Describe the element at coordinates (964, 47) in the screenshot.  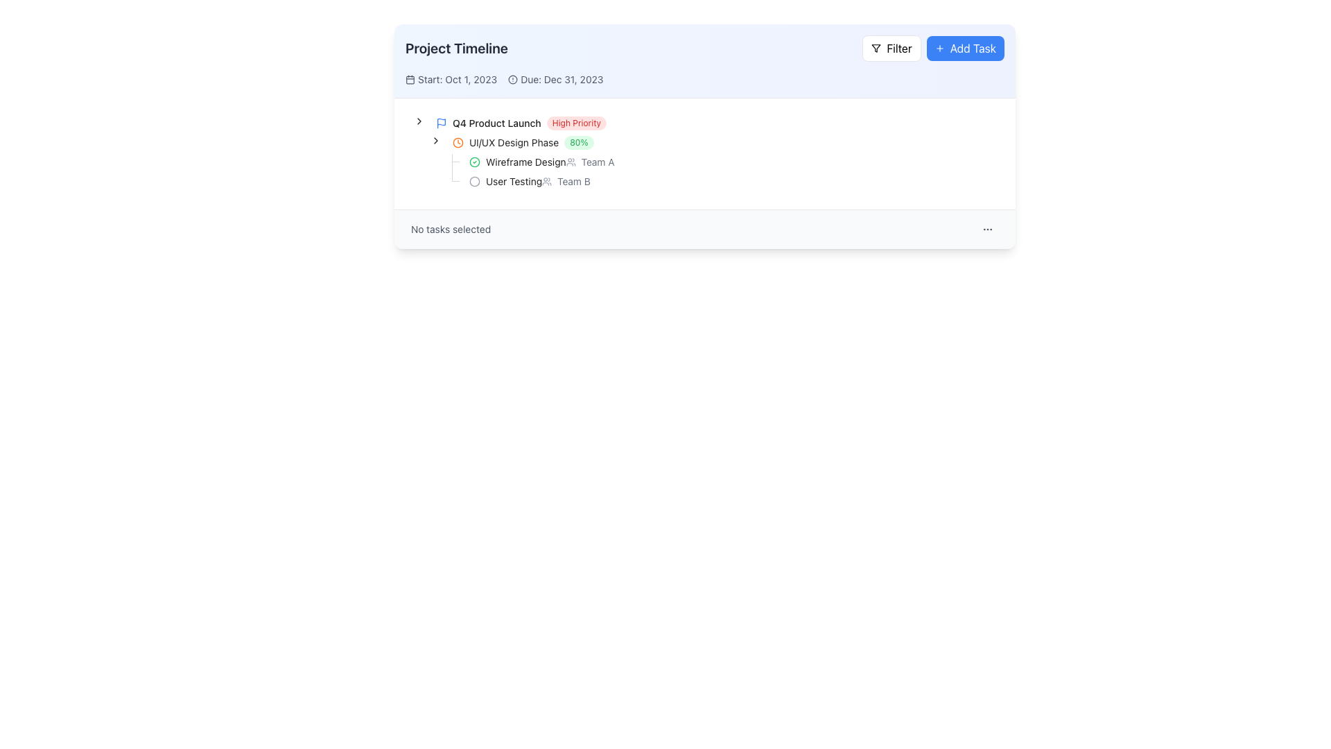
I see `the blue rectangular button with rounded corners labeled 'Add Task'` at that location.